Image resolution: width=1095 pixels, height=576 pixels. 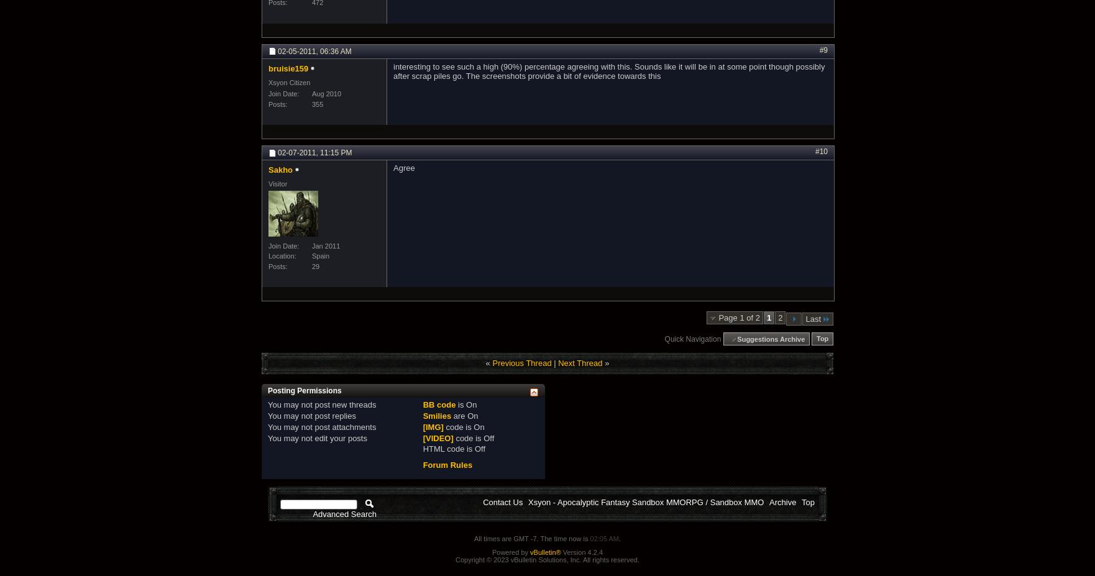 What do you see at coordinates (339, 437) in the screenshot?
I see `'edit your posts'` at bounding box center [339, 437].